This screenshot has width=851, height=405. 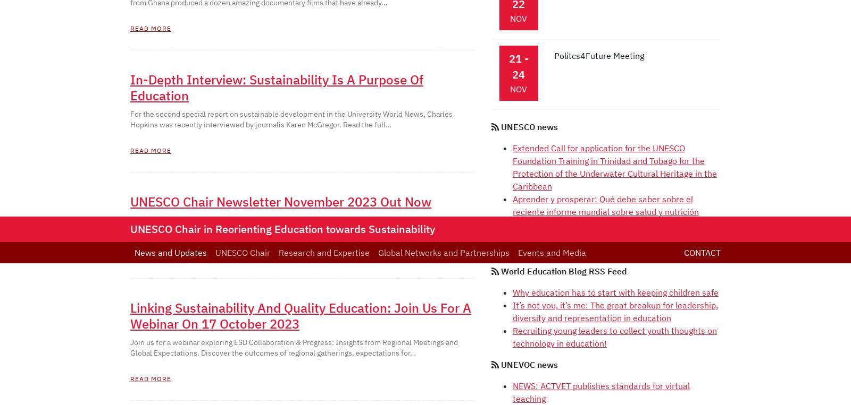 I want to click on 'Careers', so click(x=445, y=166).